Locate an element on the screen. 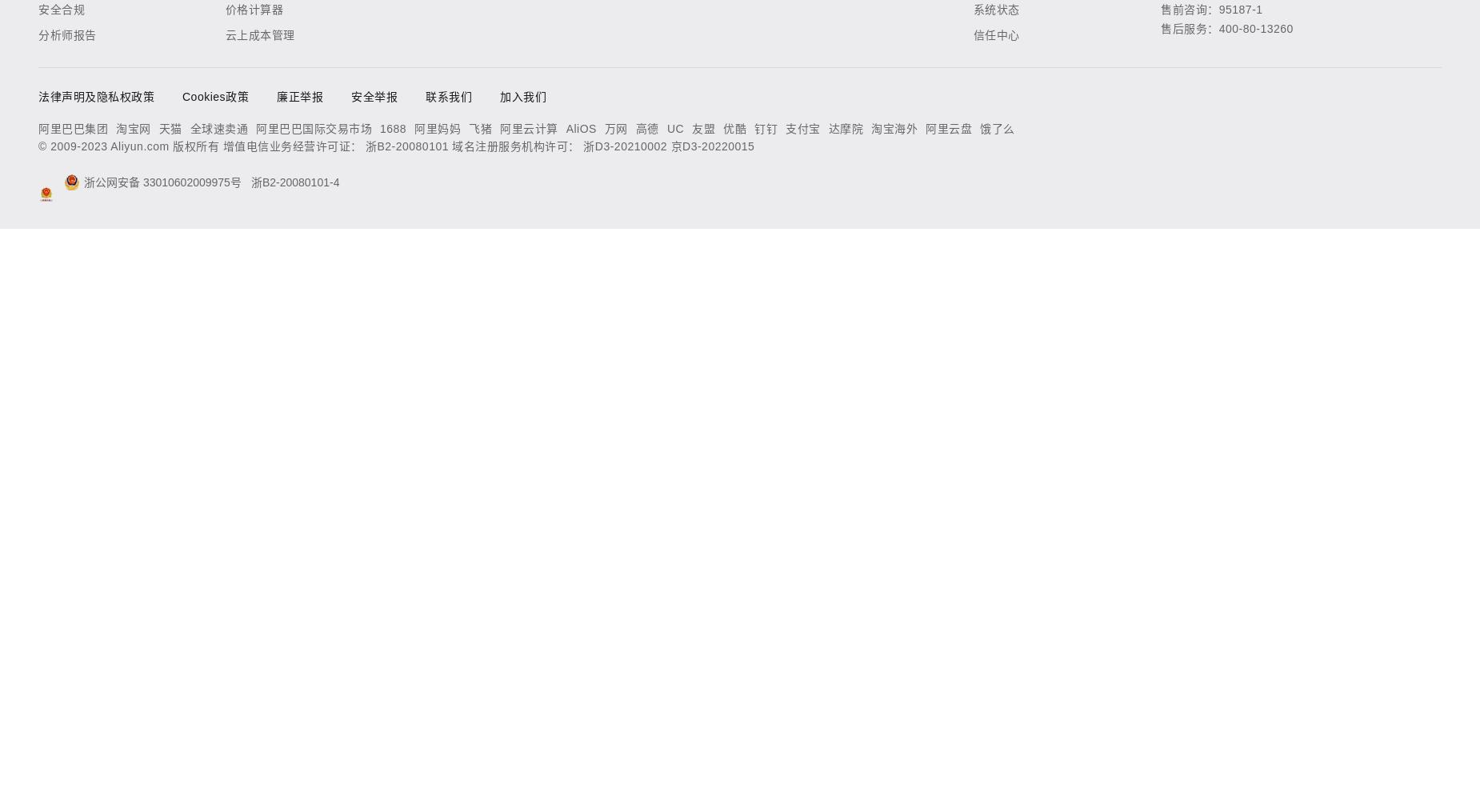  '1688' is located at coordinates (393, 129).